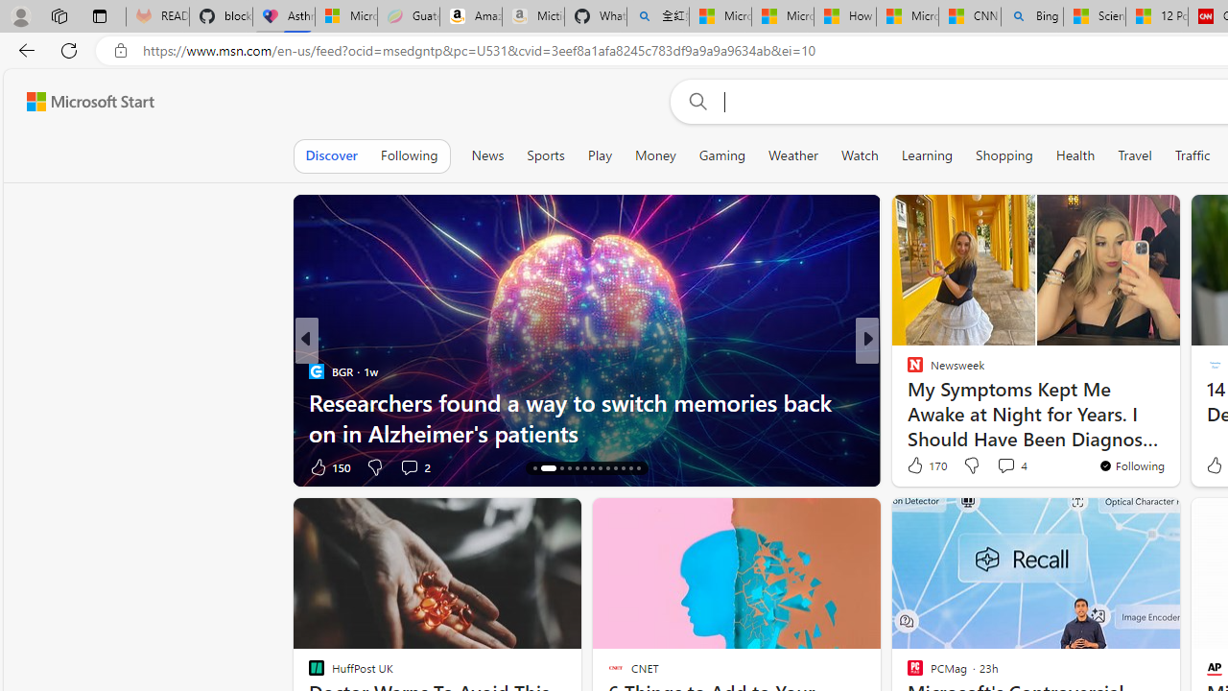 Image resolution: width=1228 pixels, height=691 pixels. I want to click on 'View comments 5 Comment', so click(998, 466).